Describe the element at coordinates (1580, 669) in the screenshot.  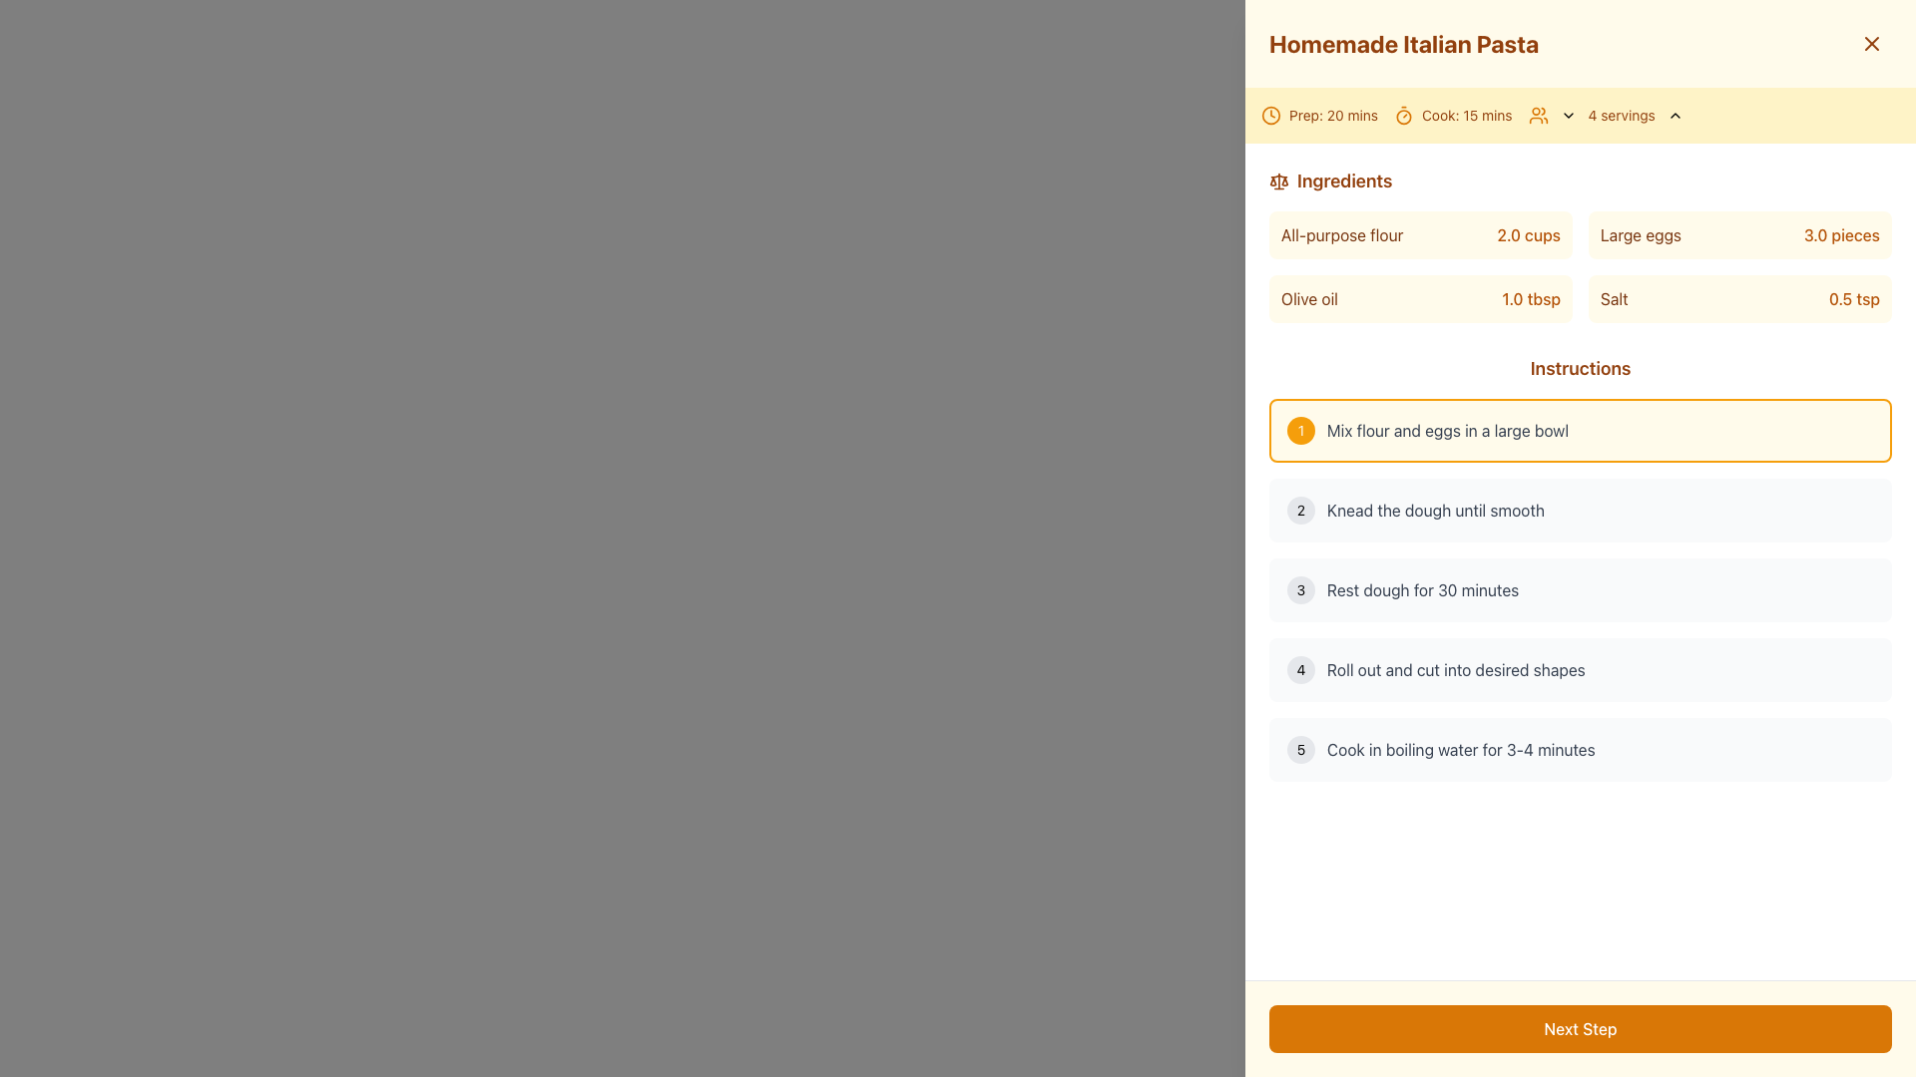
I see `the fourth instruction list item, which has a round icon with the number '4' and the text 'Roll out and cut into desired shapes'` at that location.